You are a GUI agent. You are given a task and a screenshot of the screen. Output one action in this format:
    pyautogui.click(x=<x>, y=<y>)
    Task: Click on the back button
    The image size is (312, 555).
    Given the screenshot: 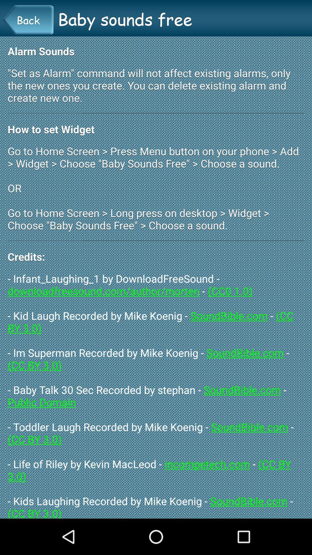 What is the action you would take?
    pyautogui.click(x=28, y=20)
    